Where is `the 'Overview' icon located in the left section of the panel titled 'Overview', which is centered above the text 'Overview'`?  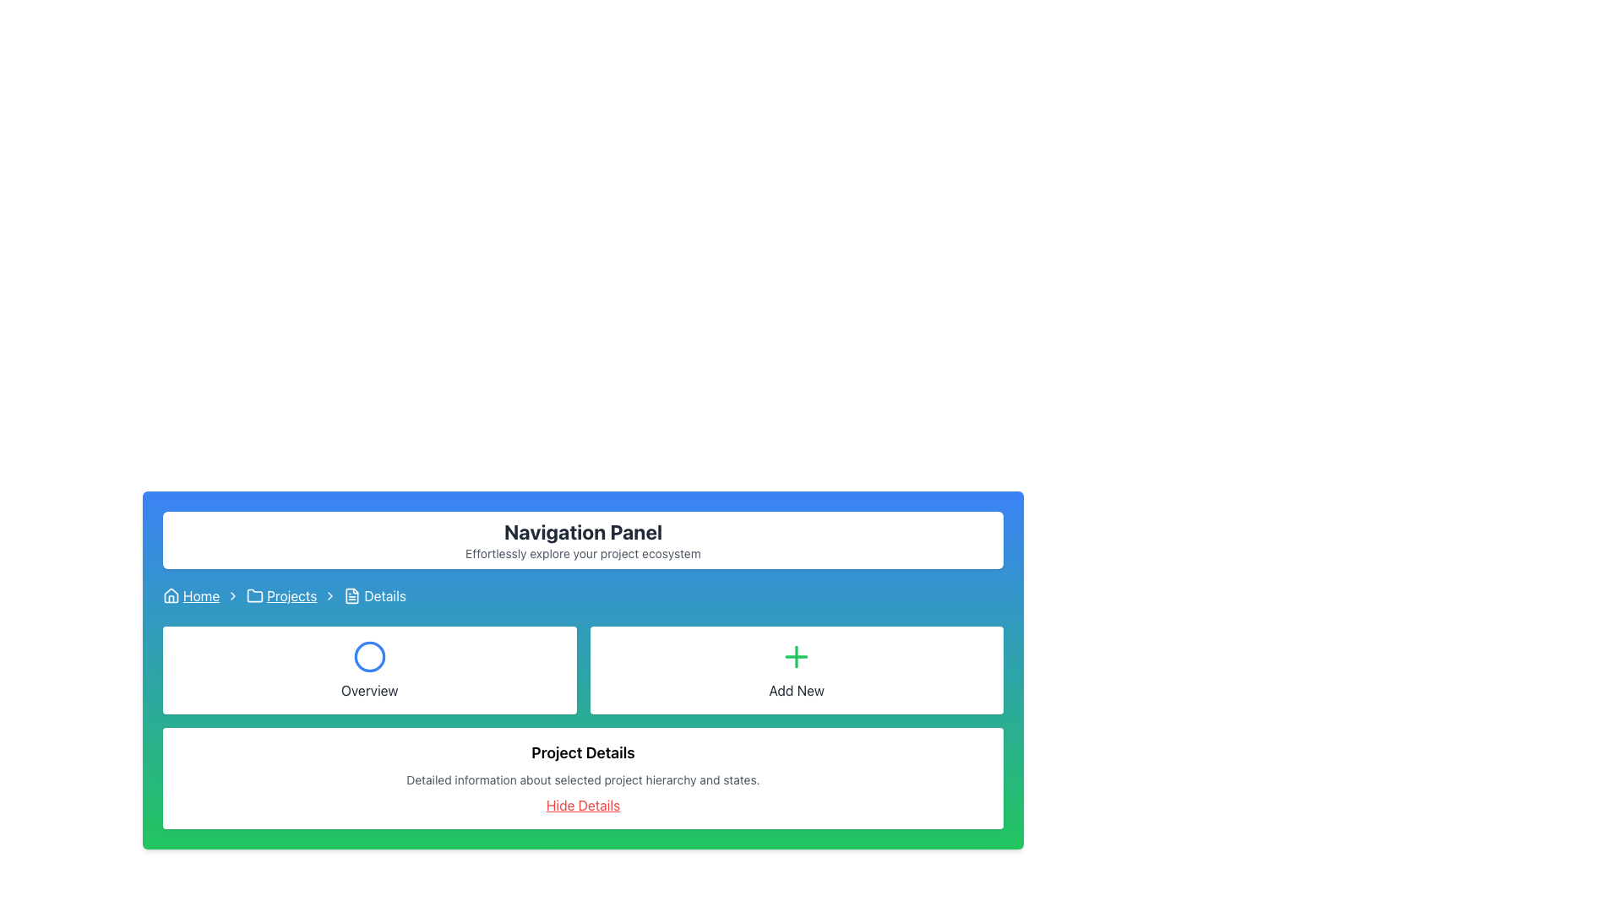 the 'Overview' icon located in the left section of the panel titled 'Overview', which is centered above the text 'Overview' is located at coordinates (368, 656).